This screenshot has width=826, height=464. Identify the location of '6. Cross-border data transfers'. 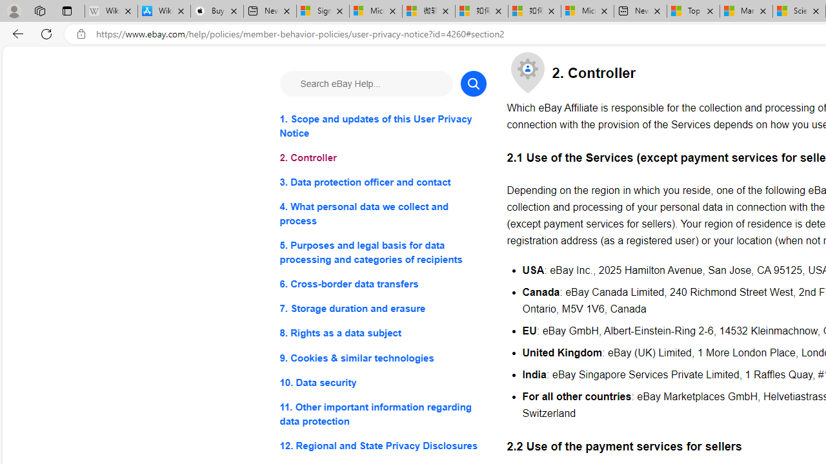
(382, 284).